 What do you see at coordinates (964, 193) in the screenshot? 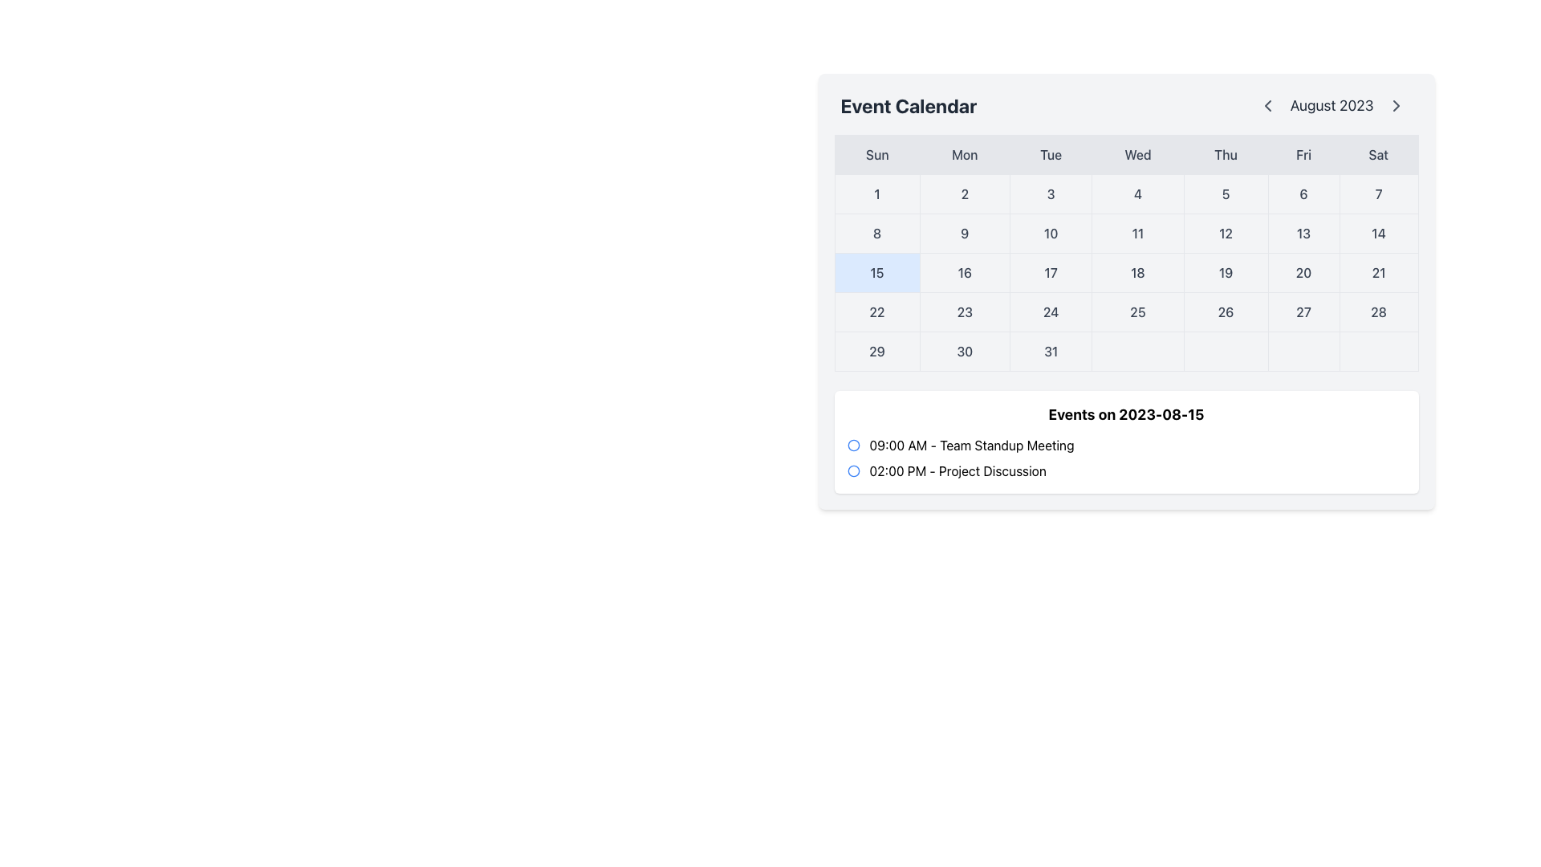
I see `the date indicator button for '2nd' in the calendar grid` at bounding box center [964, 193].